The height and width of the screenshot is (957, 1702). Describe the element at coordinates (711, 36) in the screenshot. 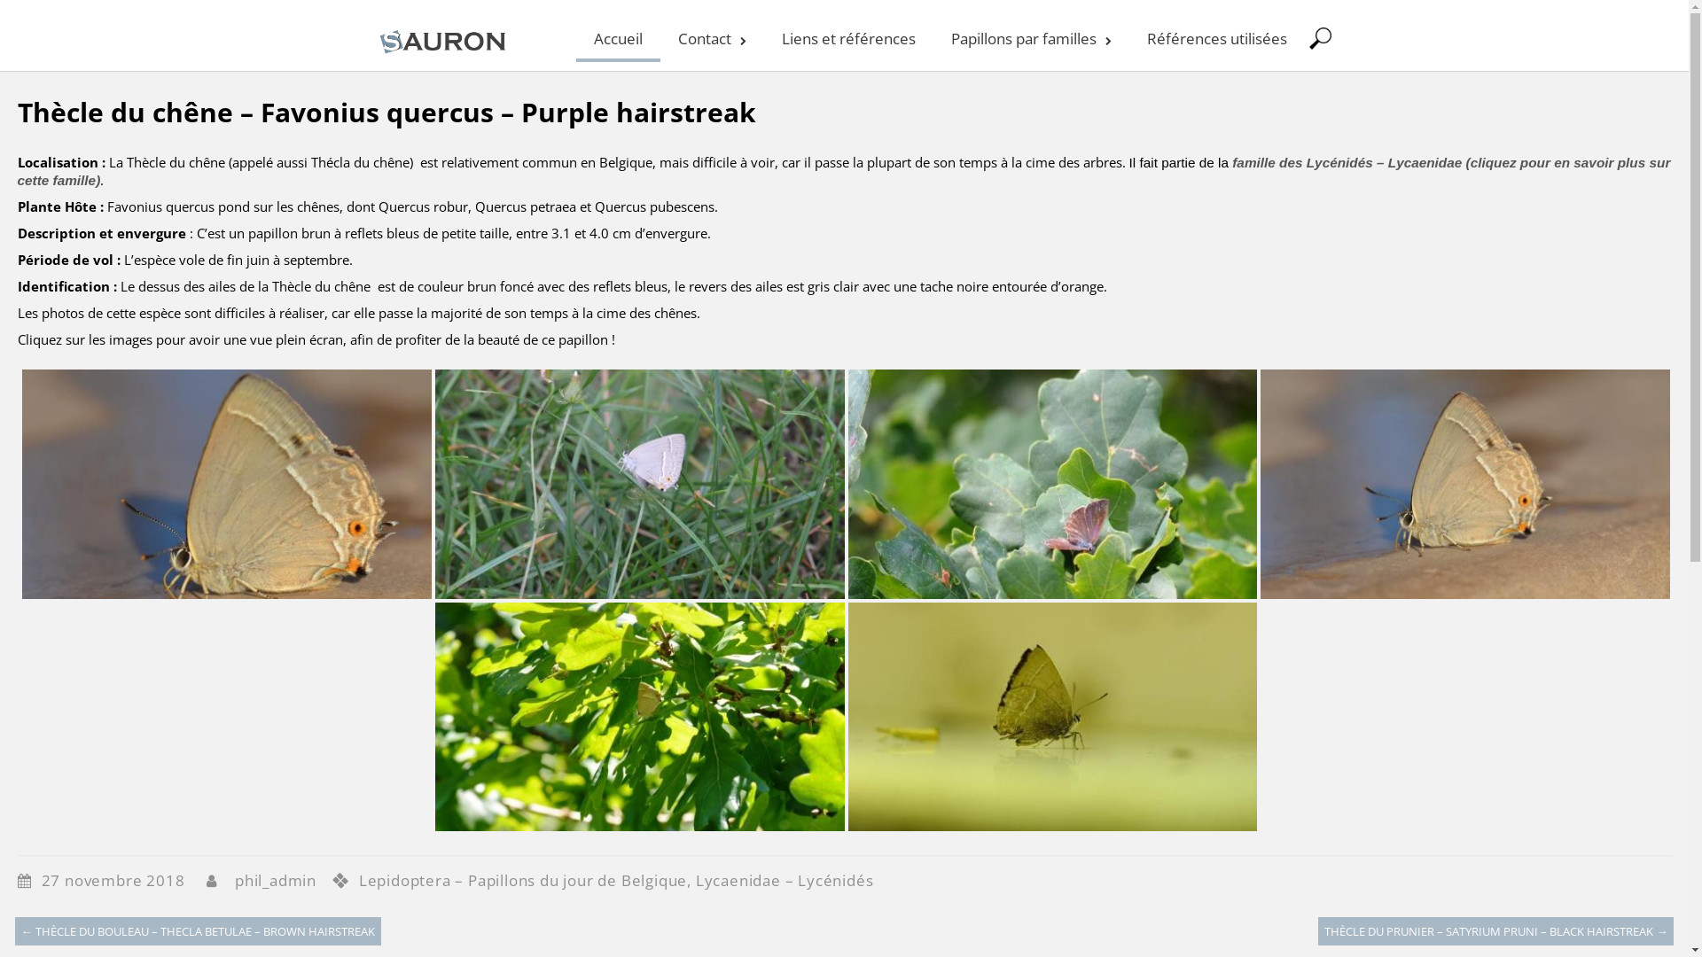

I see `'Contact'` at that location.